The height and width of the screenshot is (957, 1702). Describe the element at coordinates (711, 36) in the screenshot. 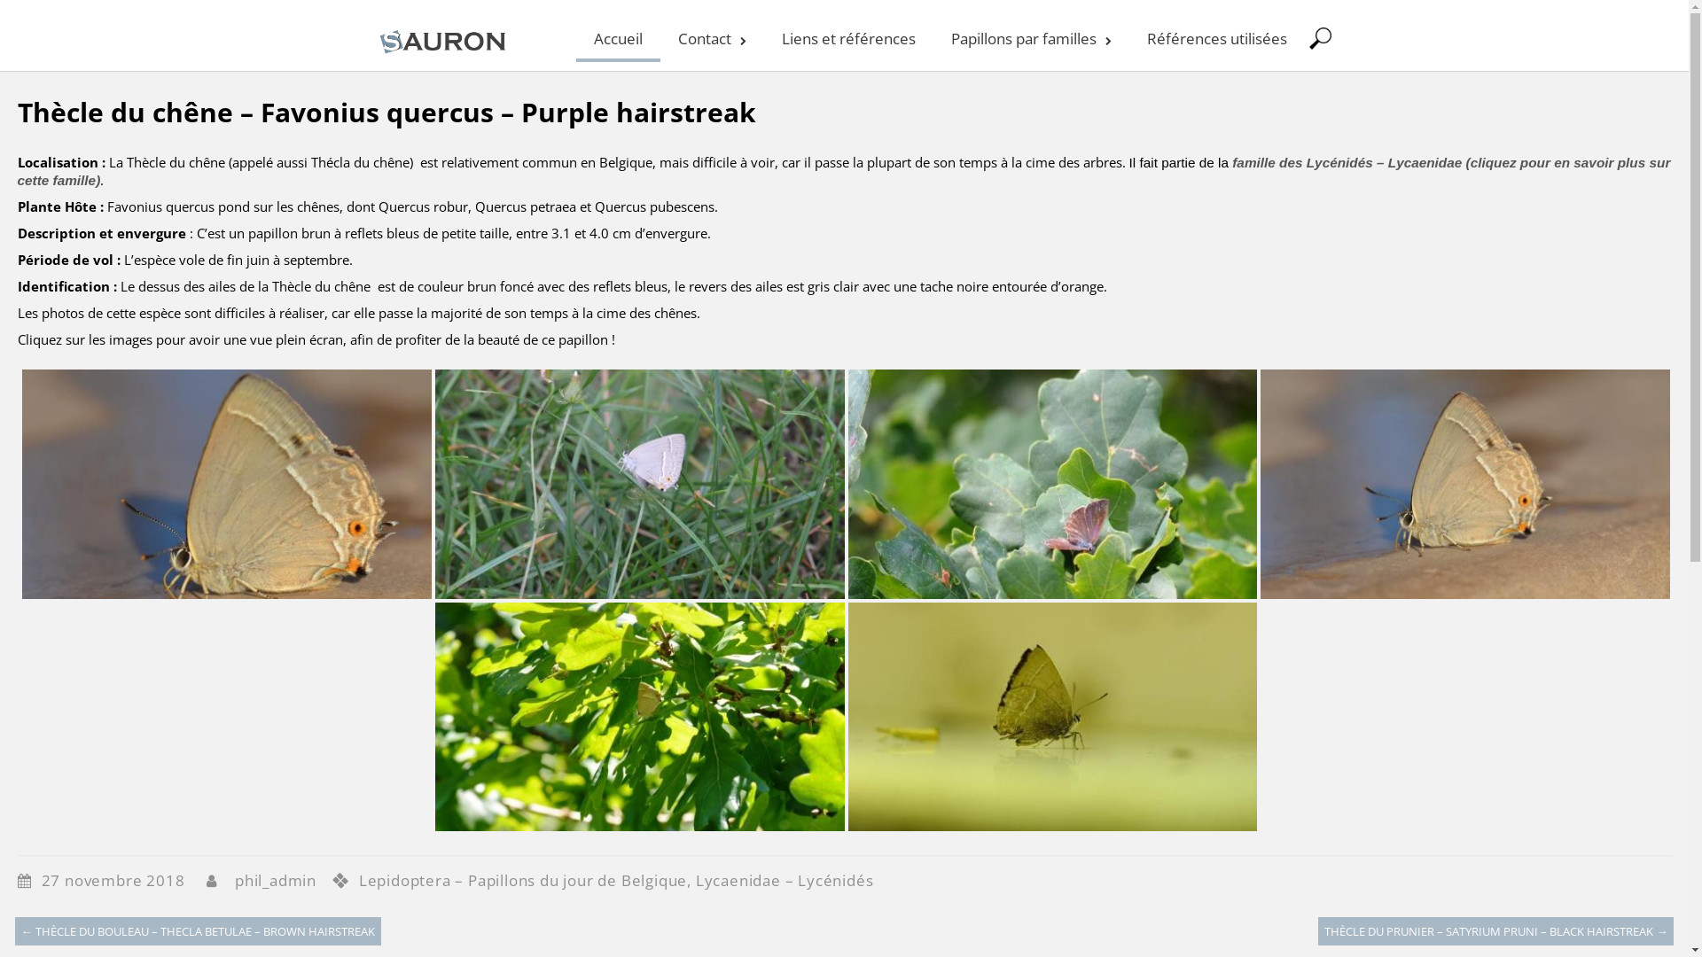

I see `'Contact'` at that location.